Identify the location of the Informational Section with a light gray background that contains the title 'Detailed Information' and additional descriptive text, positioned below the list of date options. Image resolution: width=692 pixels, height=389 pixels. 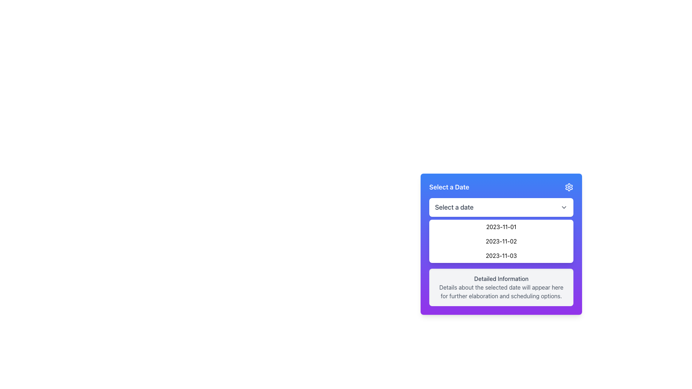
(501, 287).